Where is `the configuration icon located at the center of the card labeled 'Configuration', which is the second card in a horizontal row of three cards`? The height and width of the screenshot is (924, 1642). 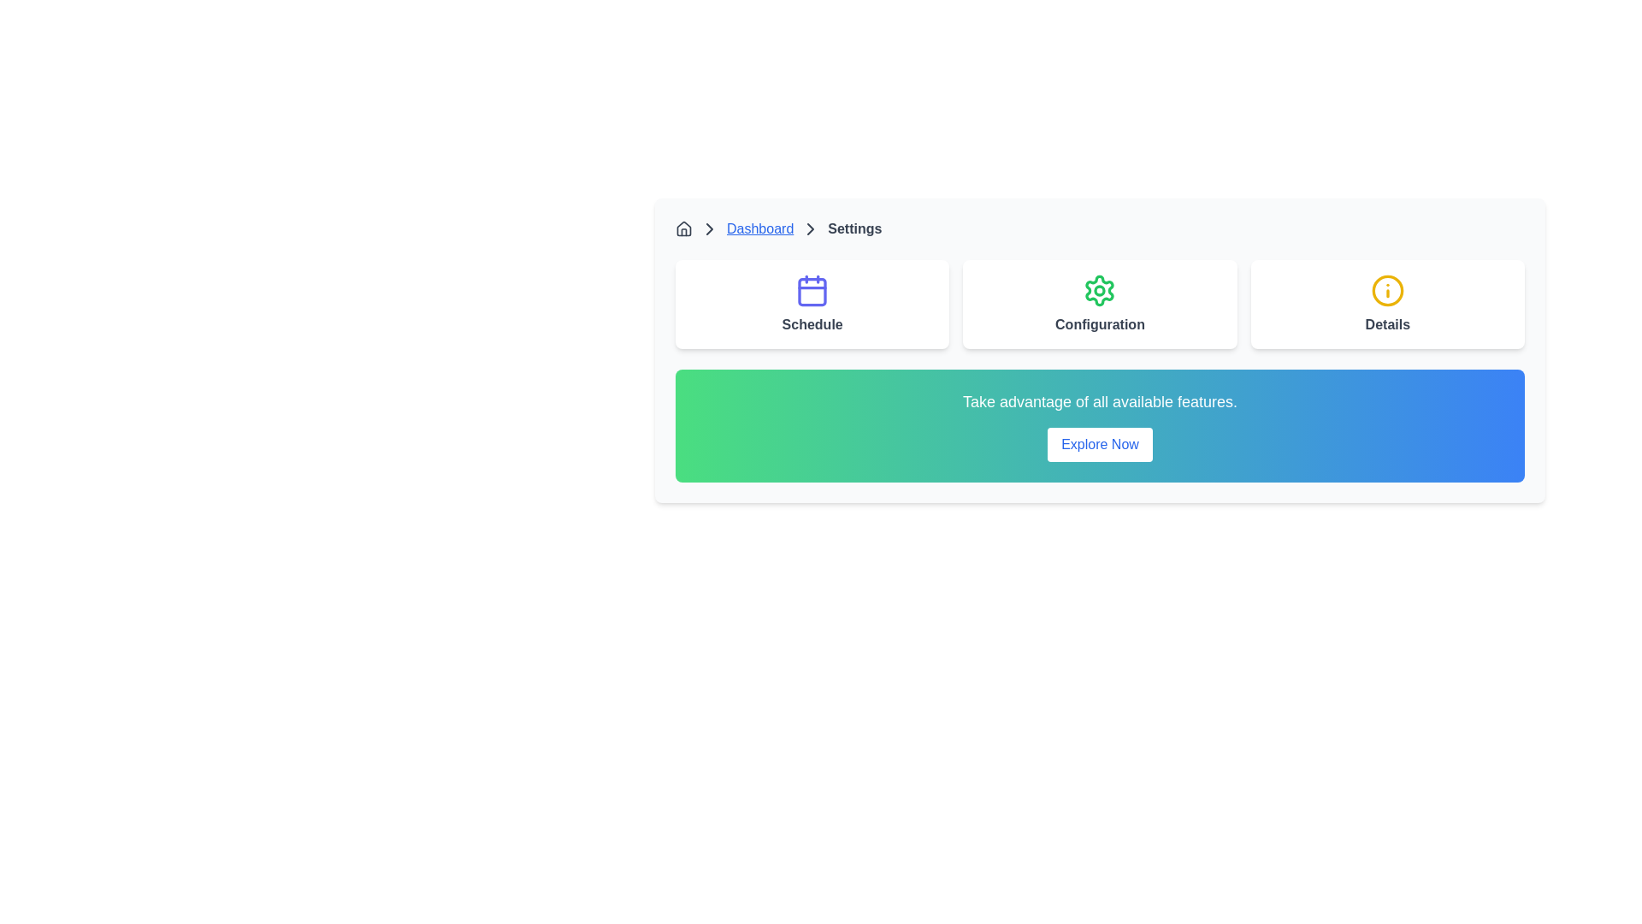 the configuration icon located at the center of the card labeled 'Configuration', which is the second card in a horizontal row of three cards is located at coordinates (1100, 289).